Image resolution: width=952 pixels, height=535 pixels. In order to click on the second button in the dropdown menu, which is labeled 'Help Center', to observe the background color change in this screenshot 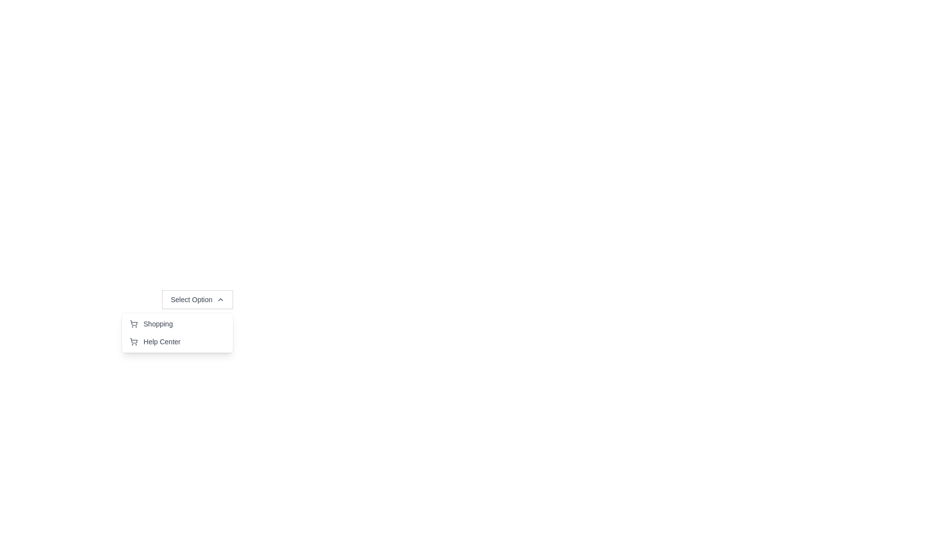, I will do `click(154, 341)`.